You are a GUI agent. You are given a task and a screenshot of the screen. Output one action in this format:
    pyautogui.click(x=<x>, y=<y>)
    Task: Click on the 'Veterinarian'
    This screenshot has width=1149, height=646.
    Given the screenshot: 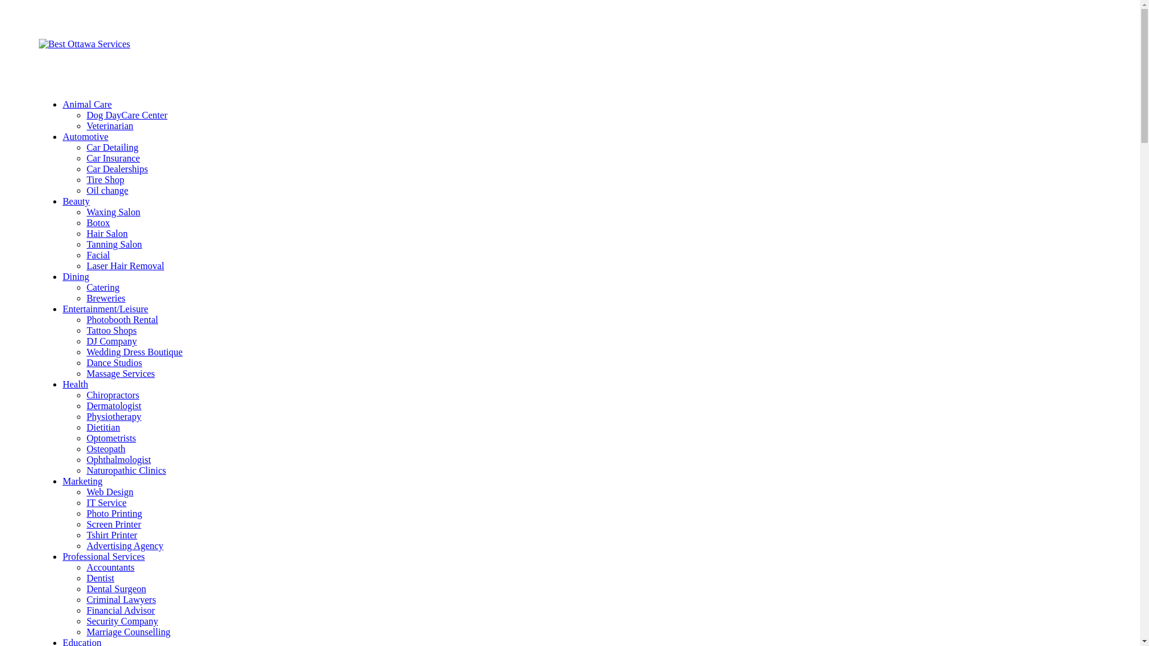 What is the action you would take?
    pyautogui.click(x=110, y=126)
    